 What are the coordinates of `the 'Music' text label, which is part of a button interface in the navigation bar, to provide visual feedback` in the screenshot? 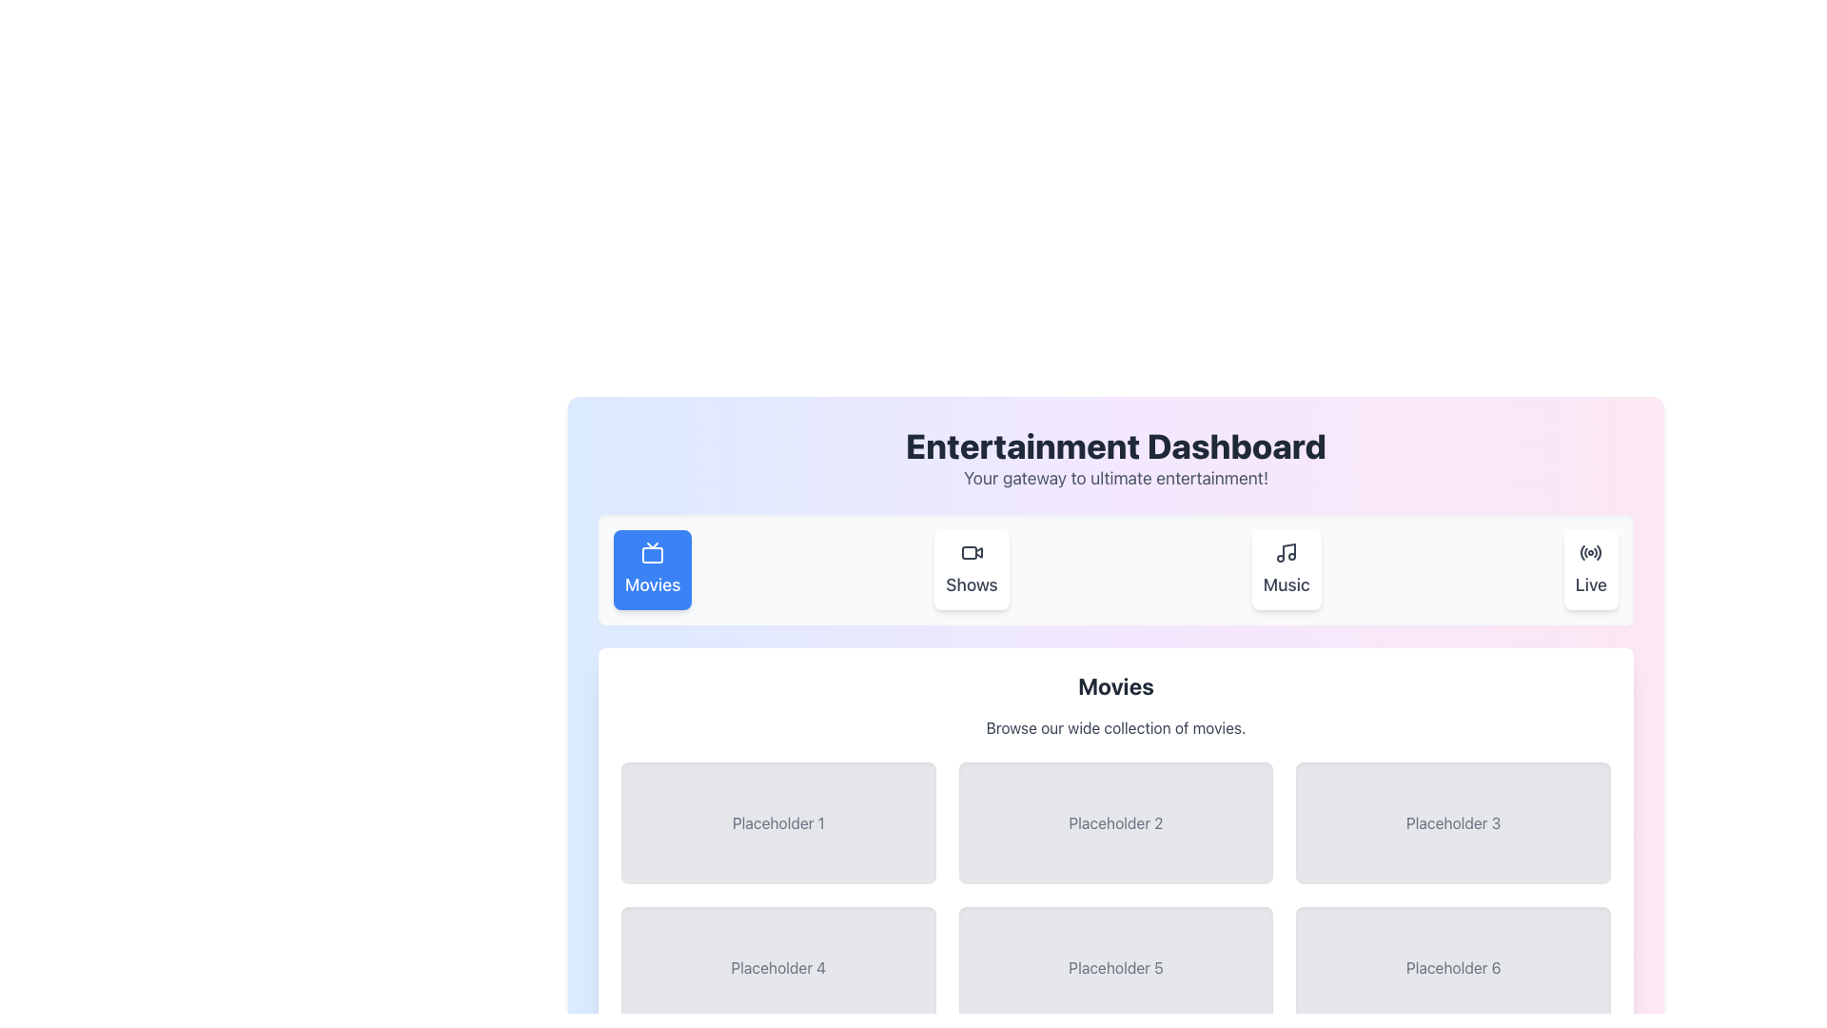 It's located at (1287, 583).